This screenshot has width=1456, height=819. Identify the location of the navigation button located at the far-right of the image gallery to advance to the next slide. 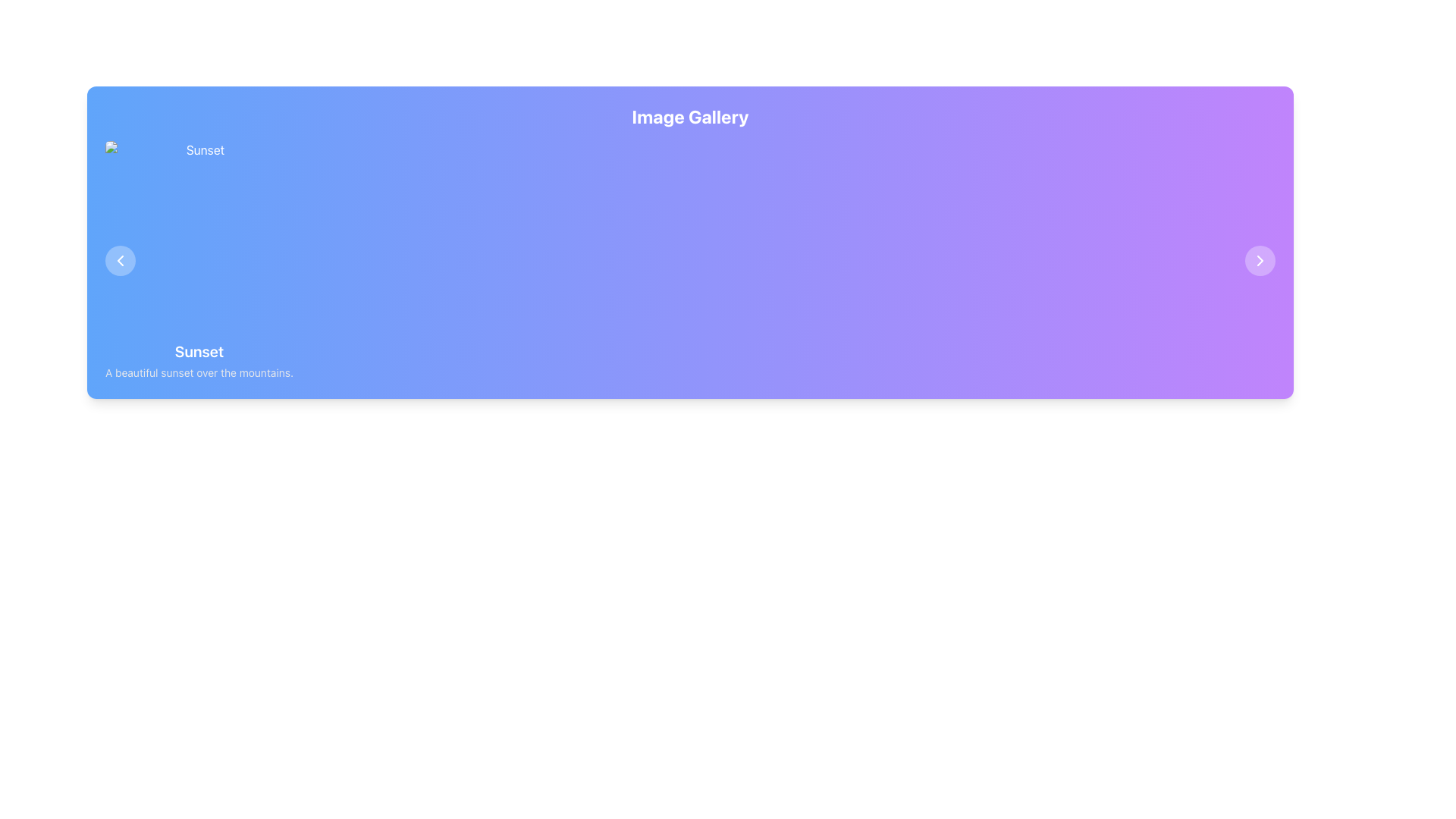
(1260, 259).